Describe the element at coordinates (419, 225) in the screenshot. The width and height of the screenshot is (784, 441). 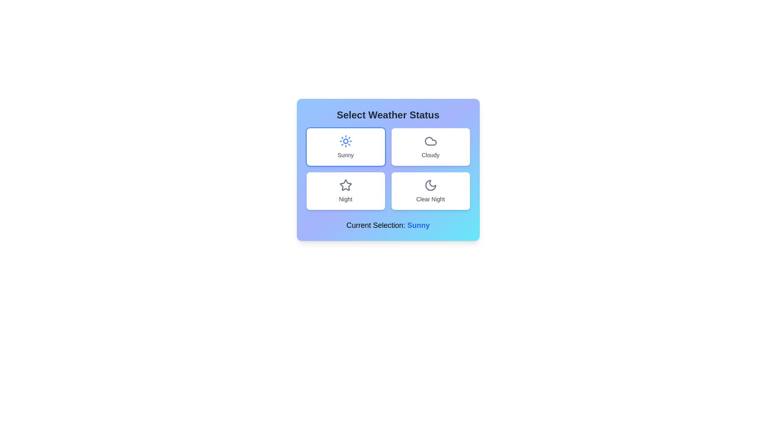
I see `the text label indicating the currently selected weather condition, which displays 'Current Selection: Sunny'` at that location.